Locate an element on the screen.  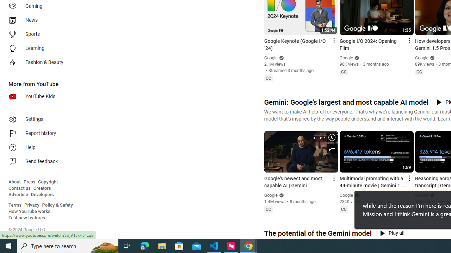
'How YouTube works' is located at coordinates (29, 211).